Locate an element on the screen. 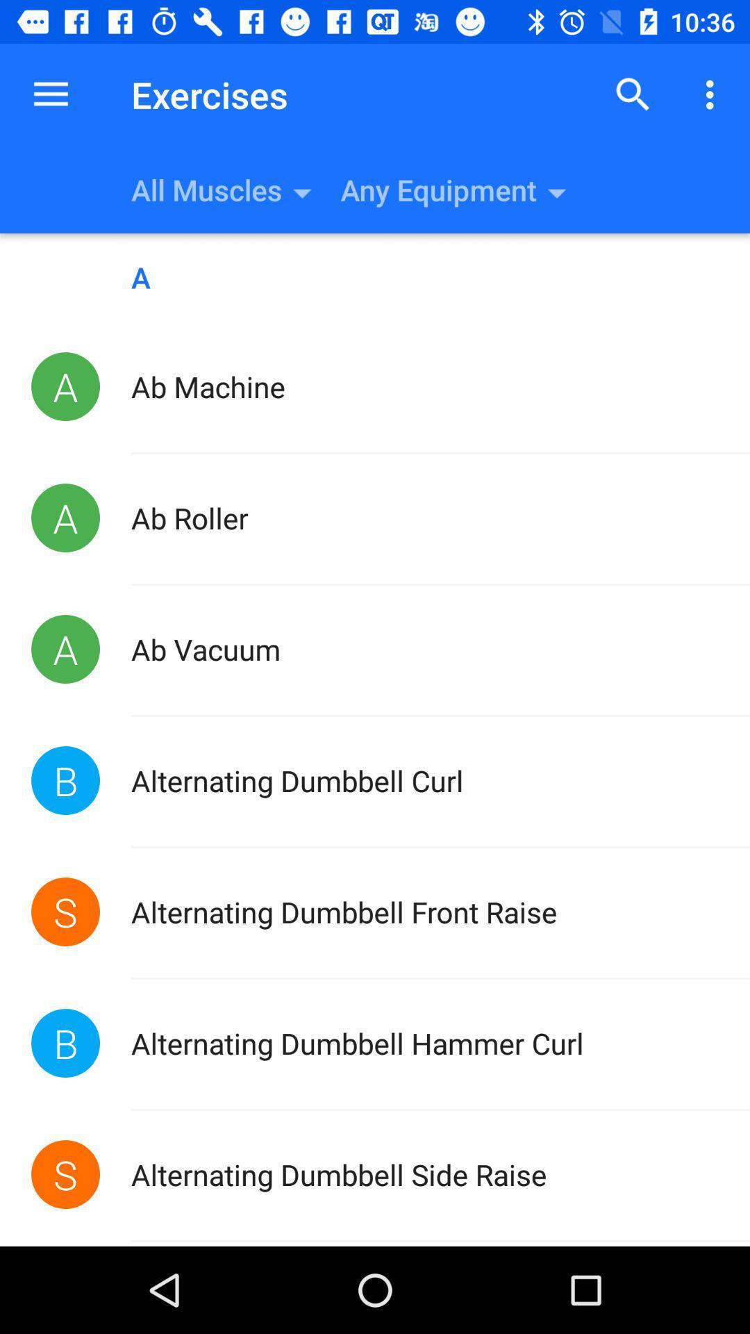 This screenshot has height=1334, width=750. icon above a item is located at coordinates (50, 94).